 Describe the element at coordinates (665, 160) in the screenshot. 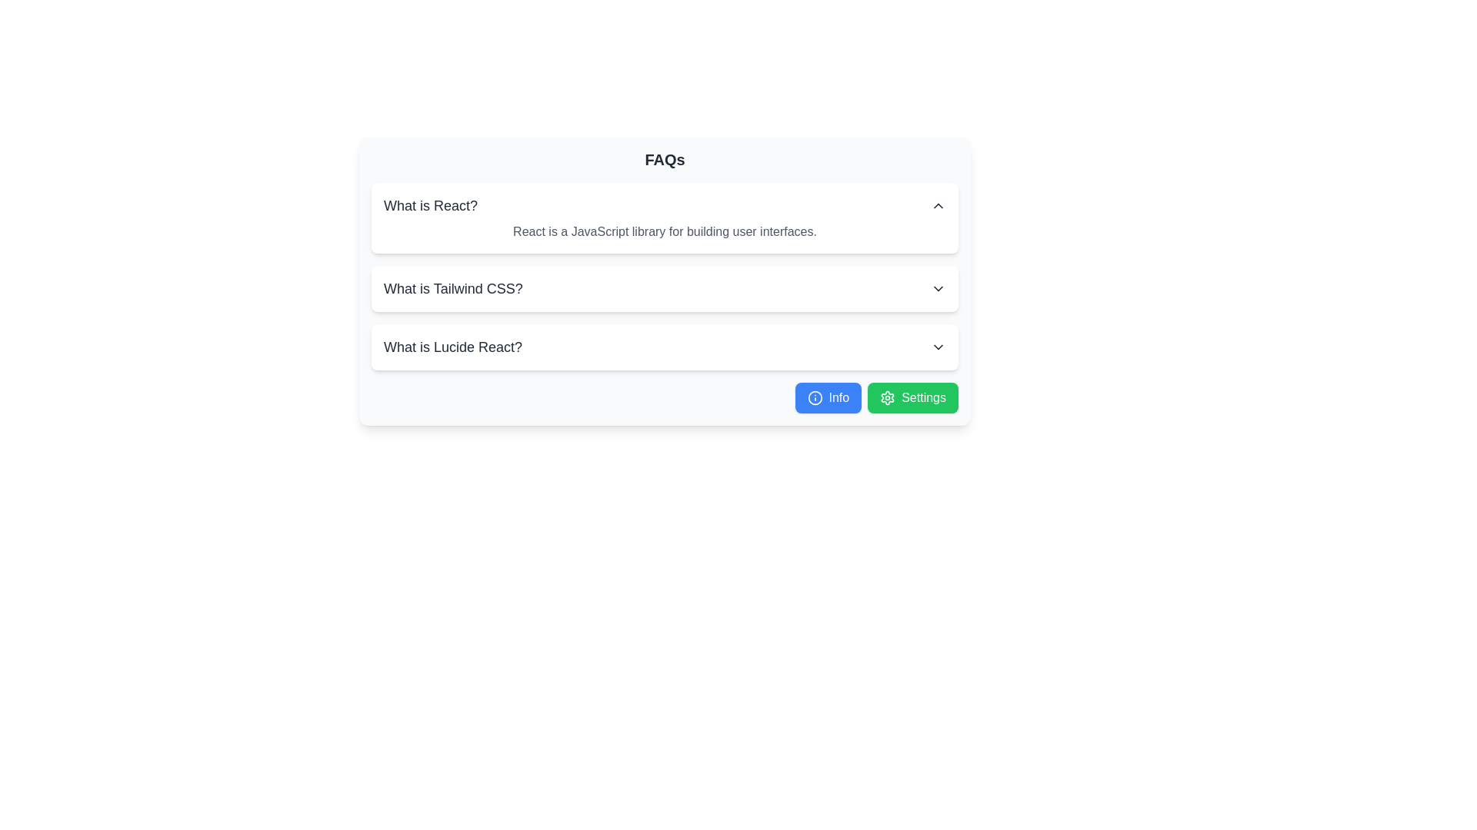

I see `the text heading labeled 'FAQs', which is styled in bold with a larger font size and dark gray color, positioned above a list of elements in the FAQ section` at that location.